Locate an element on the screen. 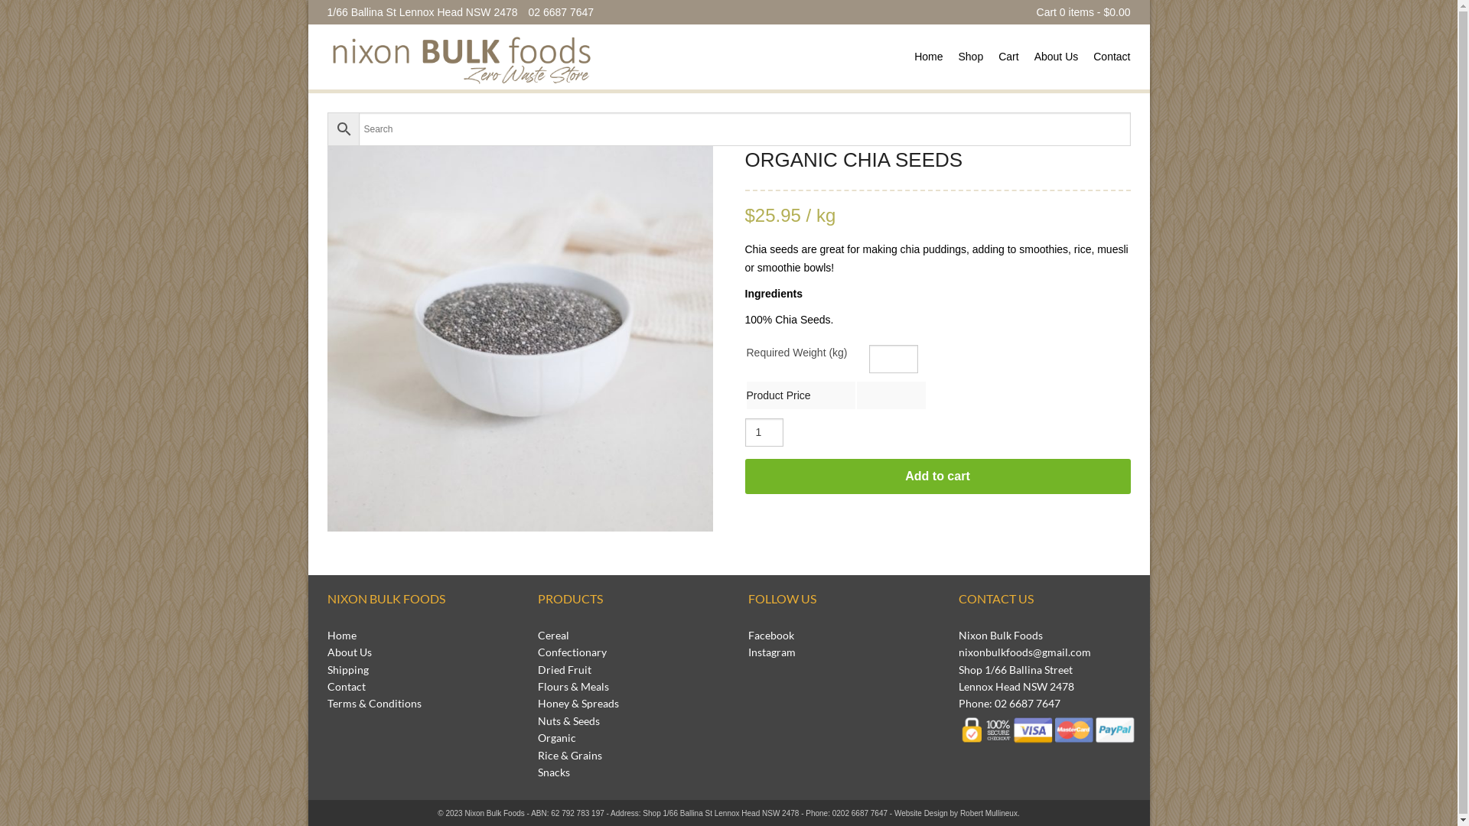  'Instagram' is located at coordinates (771, 652).